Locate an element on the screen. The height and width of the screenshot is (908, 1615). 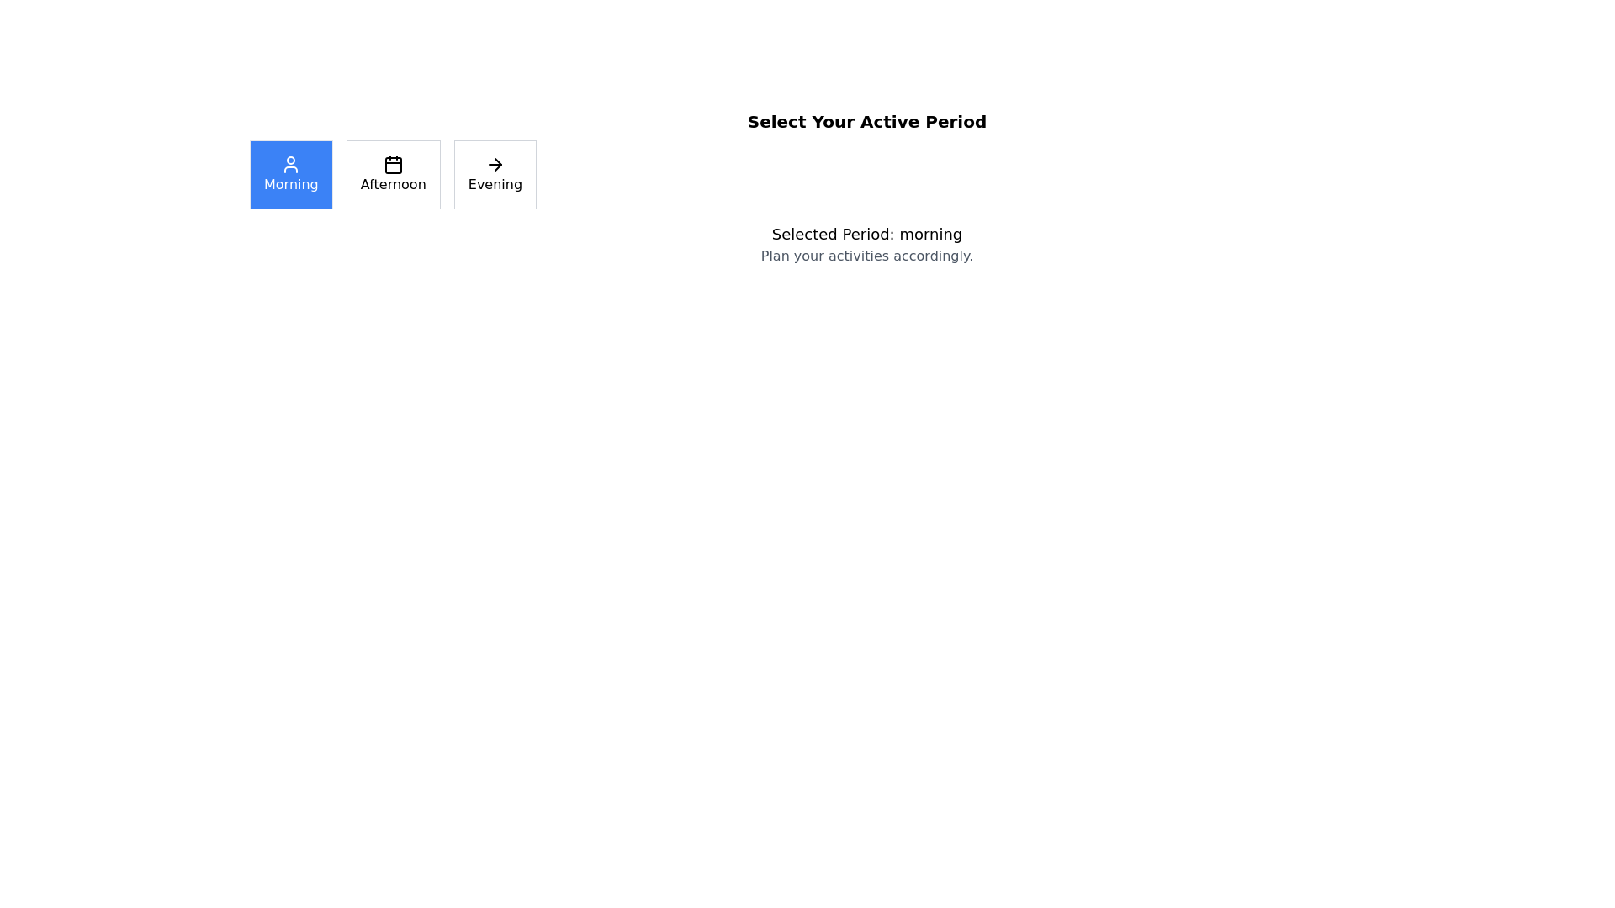
the informational text that summarizes the user's selected period, located beneath the selection options for 'Morning,' 'Afternoon,' and 'Evening' in the 'Select Your Active Period' section is located at coordinates (867, 244).